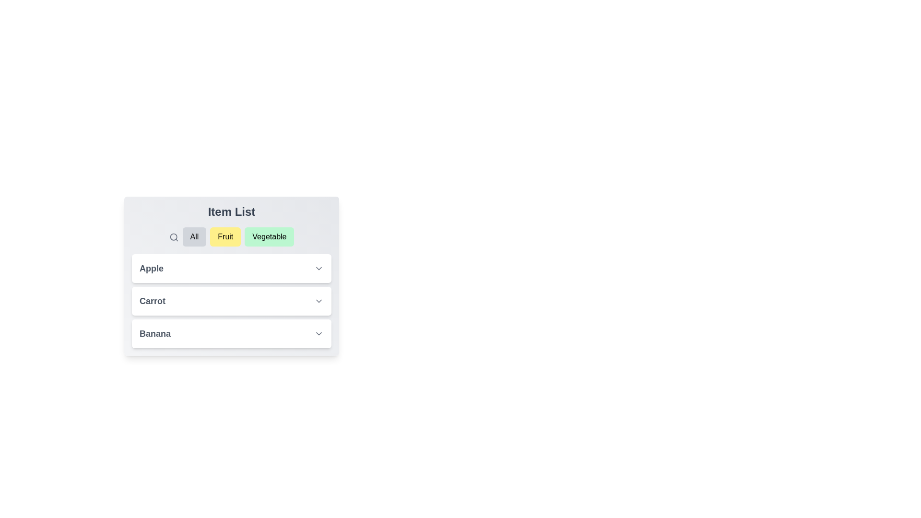  Describe the element at coordinates (319, 333) in the screenshot. I see `dropdown button next to Banana to expand and view its description` at that location.